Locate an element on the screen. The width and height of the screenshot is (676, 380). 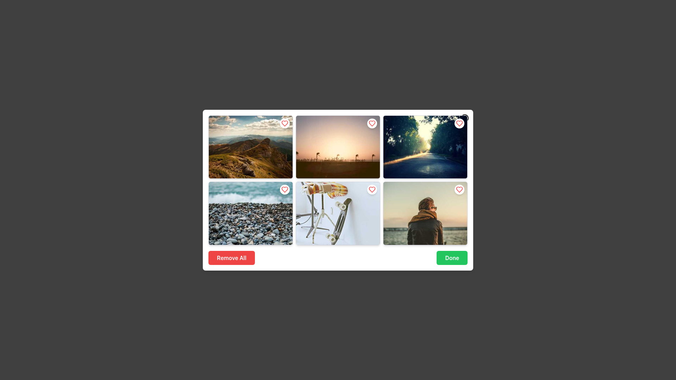
the 'Remove All' button is located at coordinates (231, 258).